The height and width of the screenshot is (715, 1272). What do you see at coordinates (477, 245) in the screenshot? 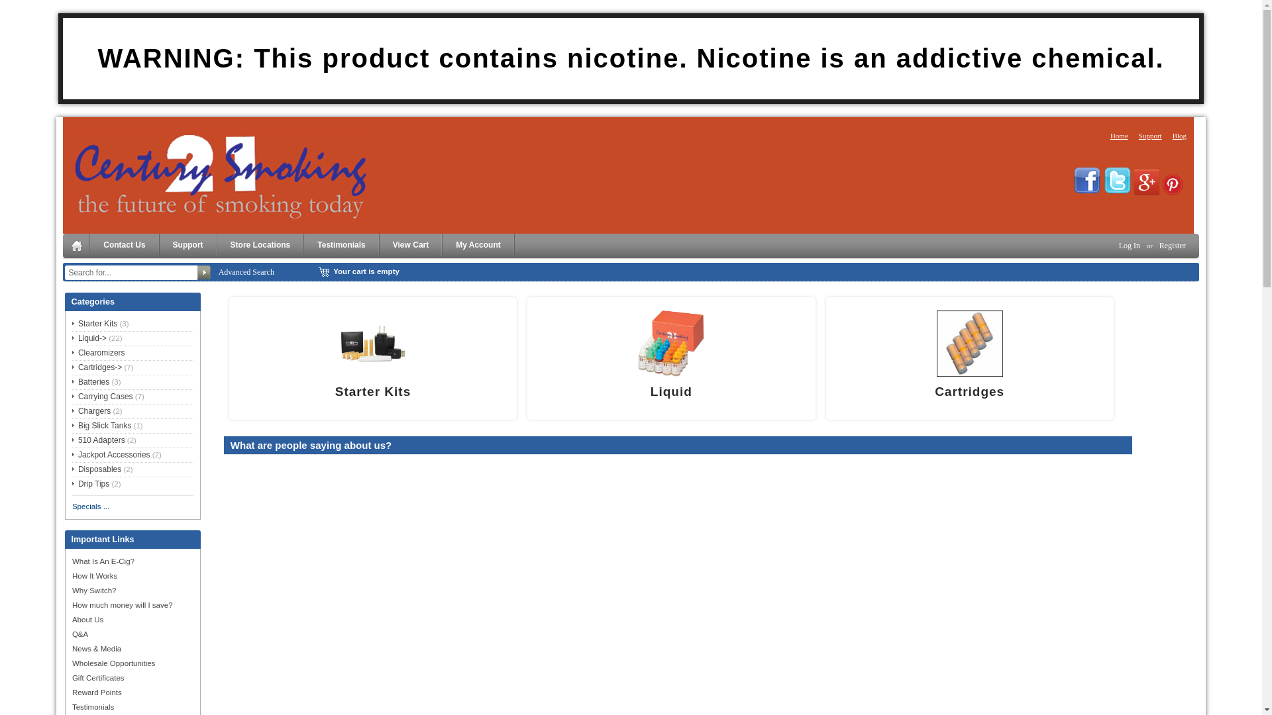
I see `'My Account'` at bounding box center [477, 245].